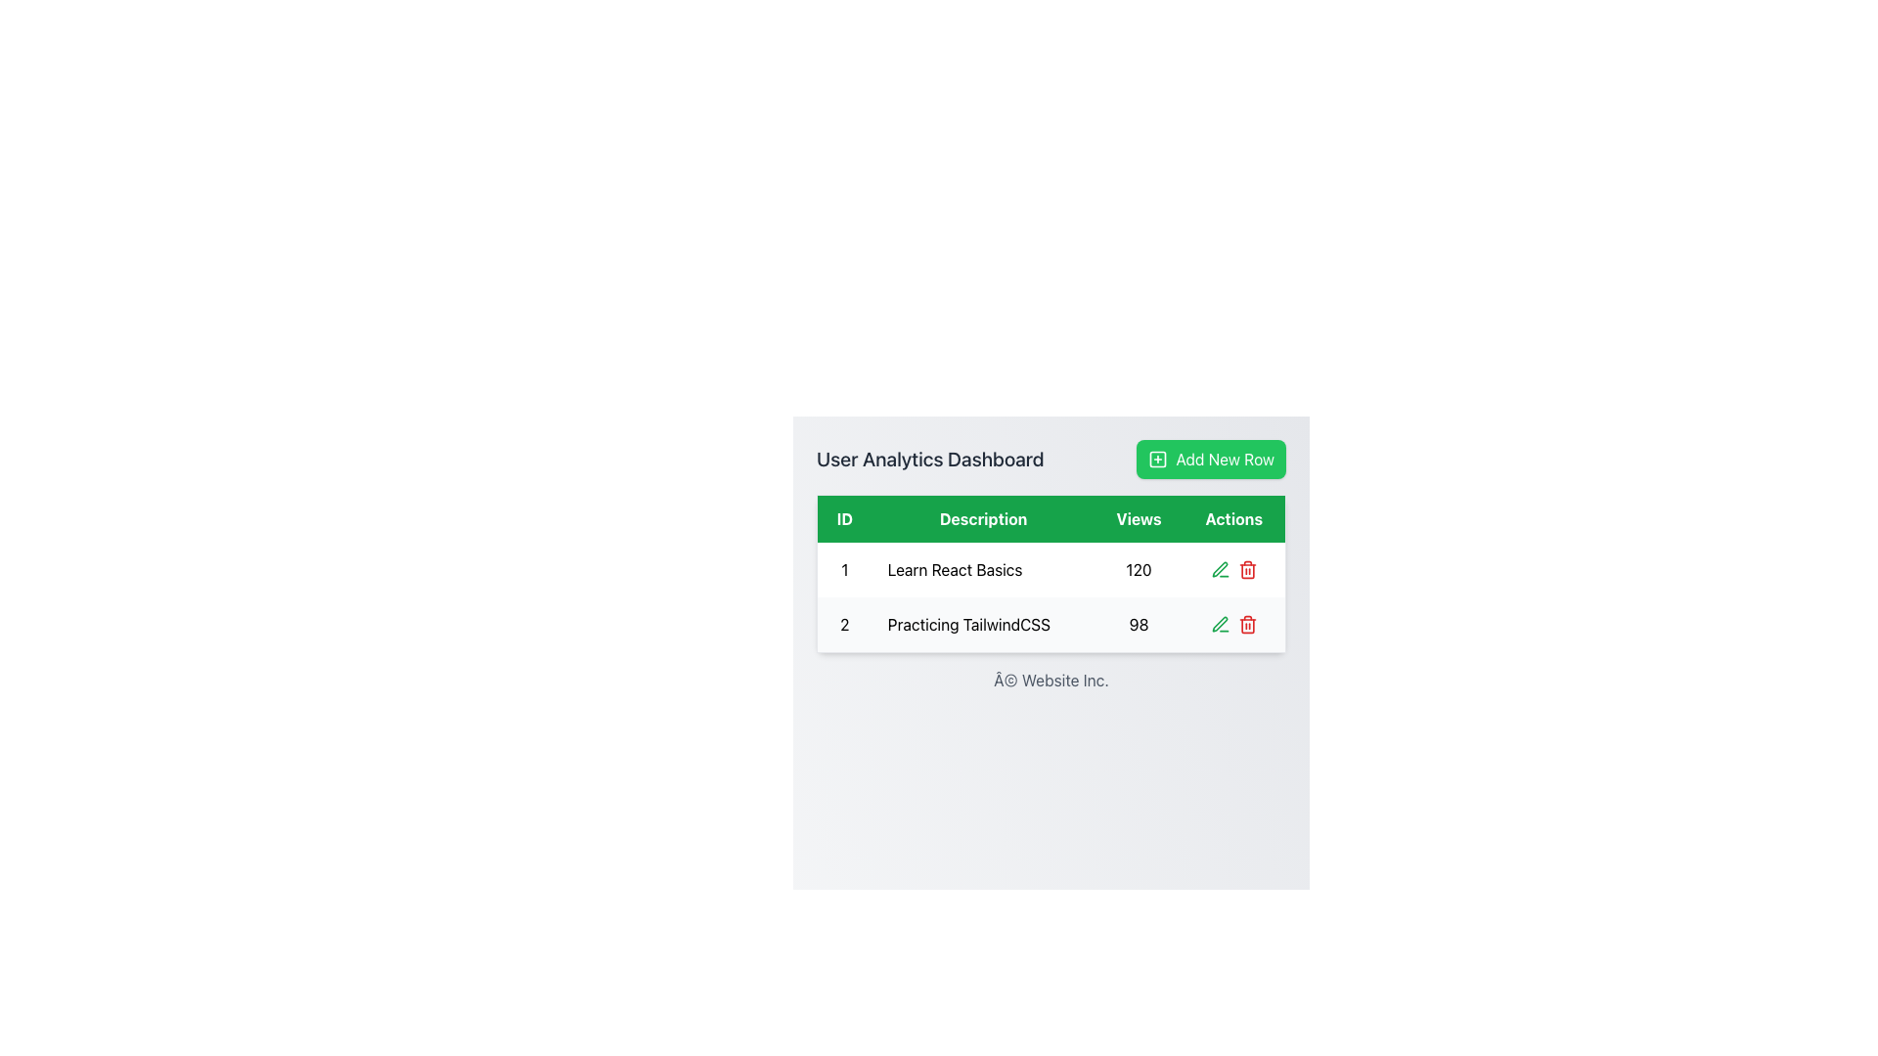 The height and width of the screenshot is (1056, 1878). What do you see at coordinates (1219, 569) in the screenshot?
I see `the green pencil icon in the second row of the 'Actions' column` at bounding box center [1219, 569].